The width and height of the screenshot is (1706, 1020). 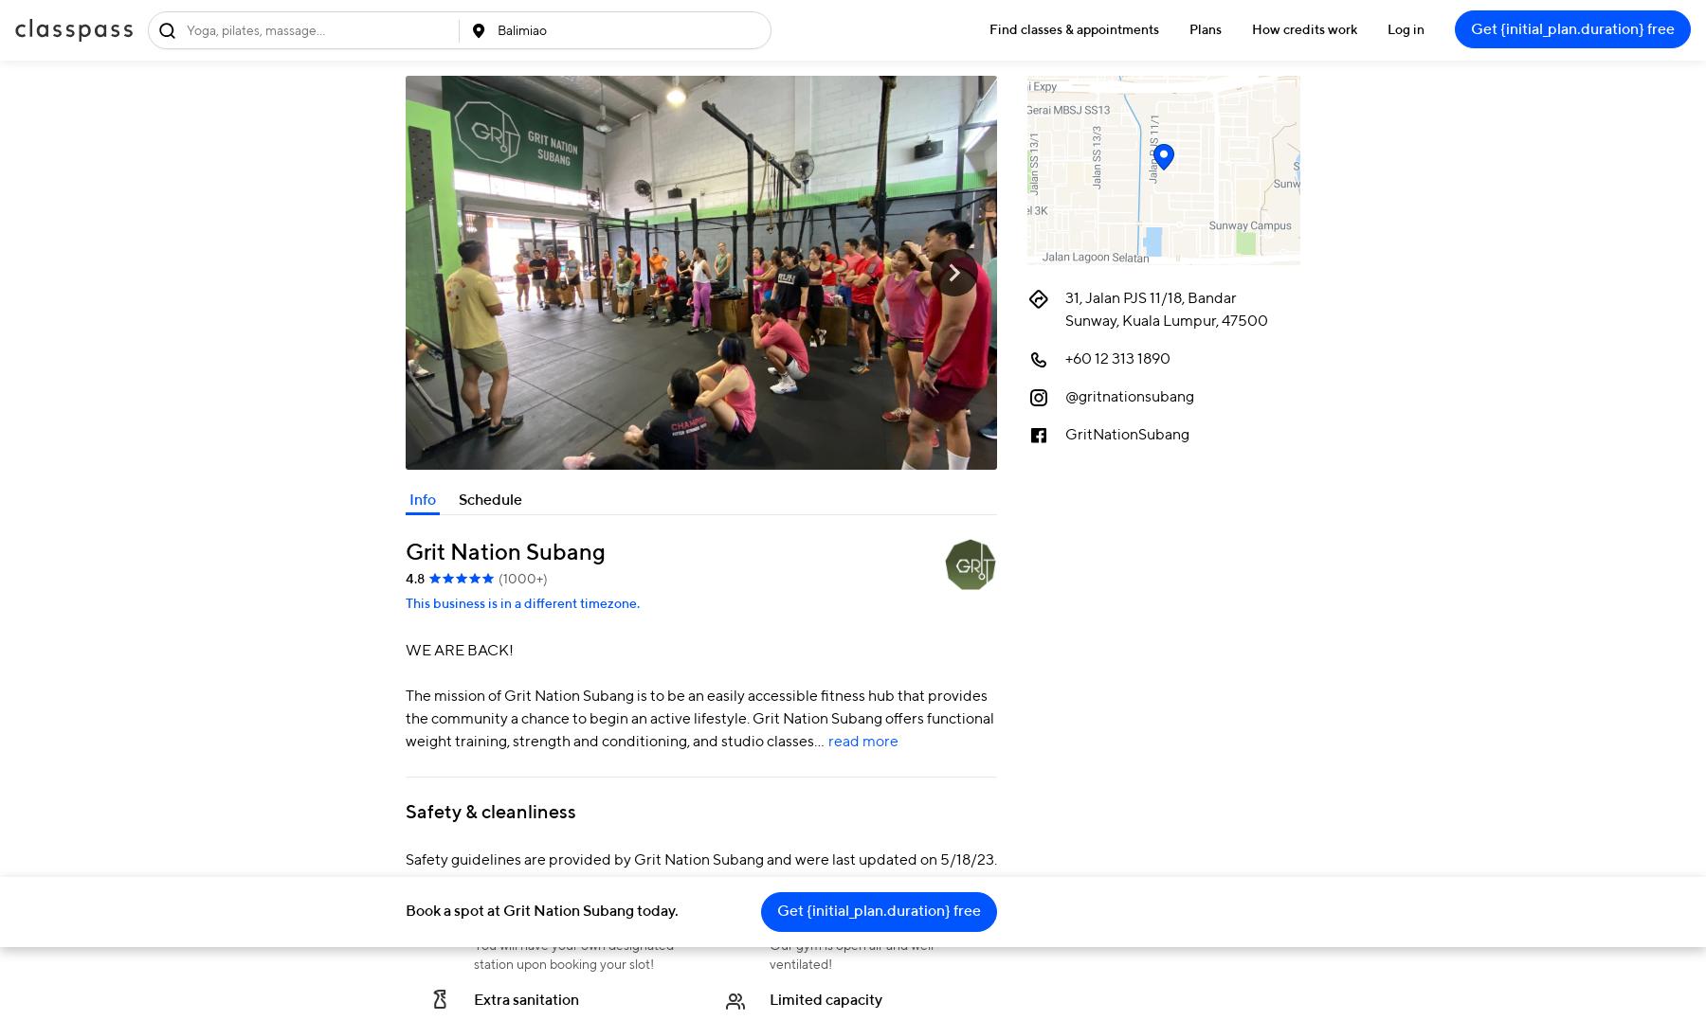 I want to click on 'Grit Nation Subang', so click(x=504, y=550).